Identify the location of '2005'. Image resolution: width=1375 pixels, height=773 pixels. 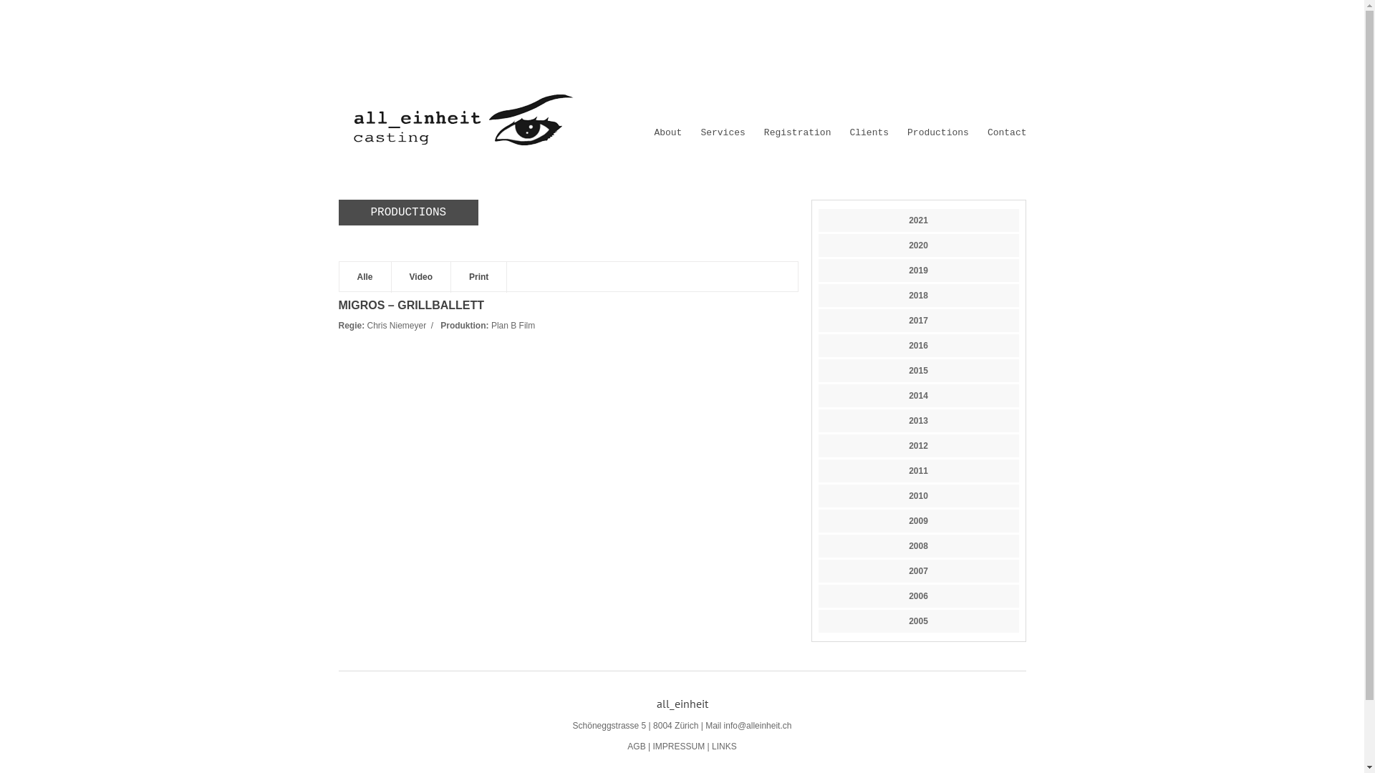
(918, 620).